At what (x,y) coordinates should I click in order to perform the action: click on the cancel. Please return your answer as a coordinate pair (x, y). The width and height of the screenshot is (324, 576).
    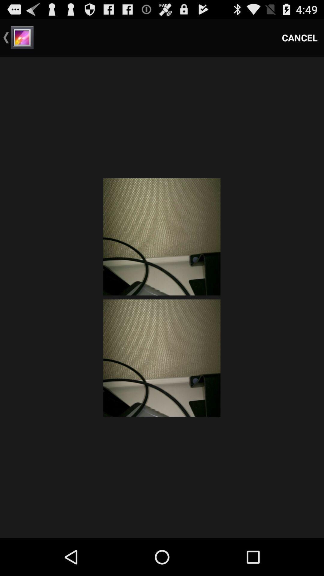
    Looking at the image, I should click on (300, 37).